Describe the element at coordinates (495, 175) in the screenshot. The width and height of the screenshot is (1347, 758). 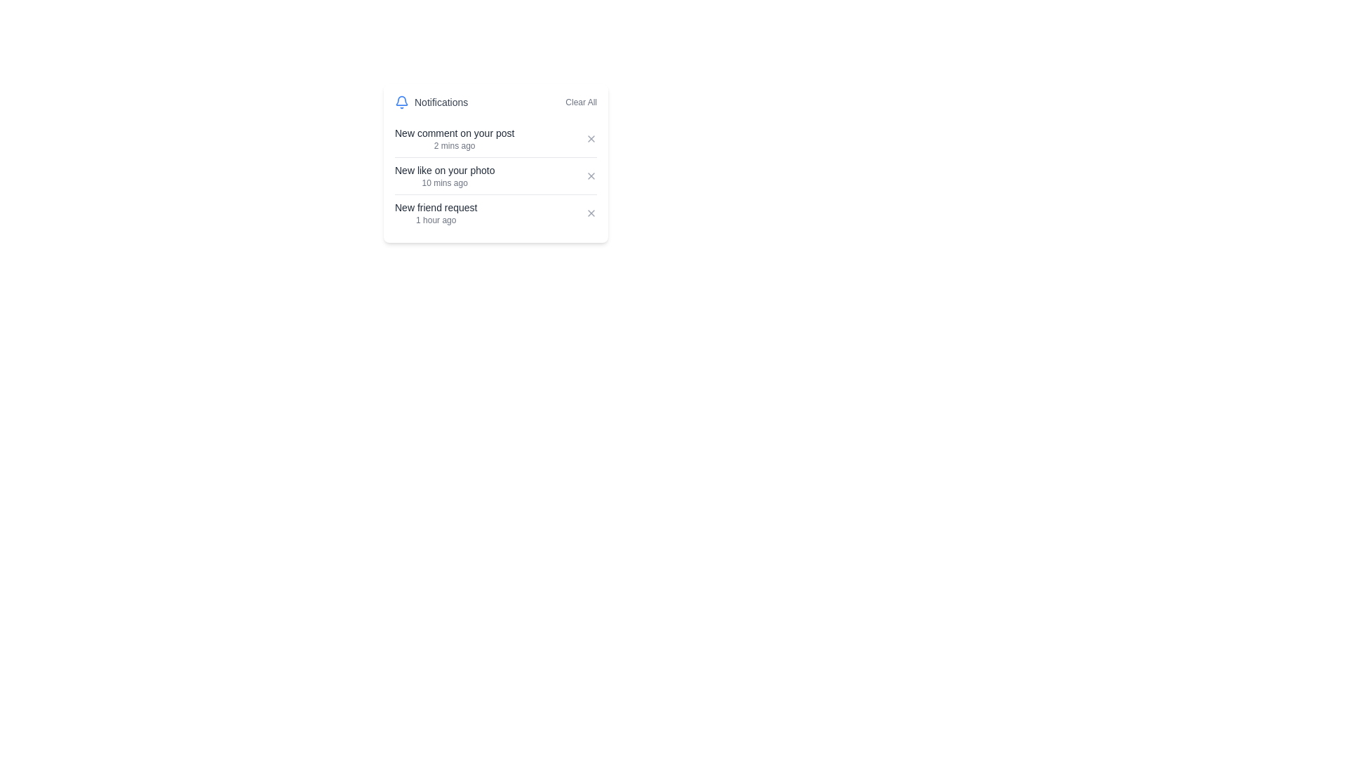
I see `the notification item with the headline 'New like on your photo'` at that location.